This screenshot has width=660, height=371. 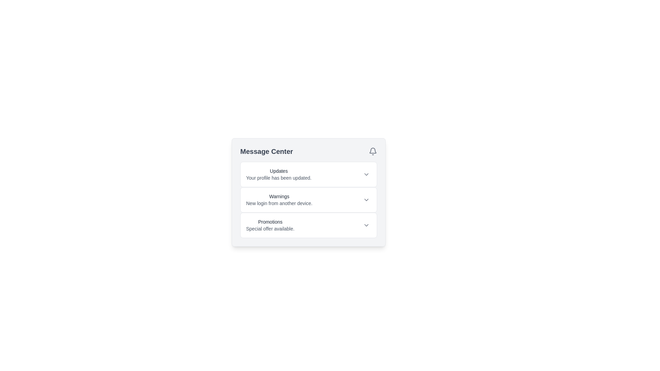 I want to click on Notification icon located in the top-right corner of the header section, adjacent to the 'Message Center' text, as part of the visual layout, so click(x=372, y=151).